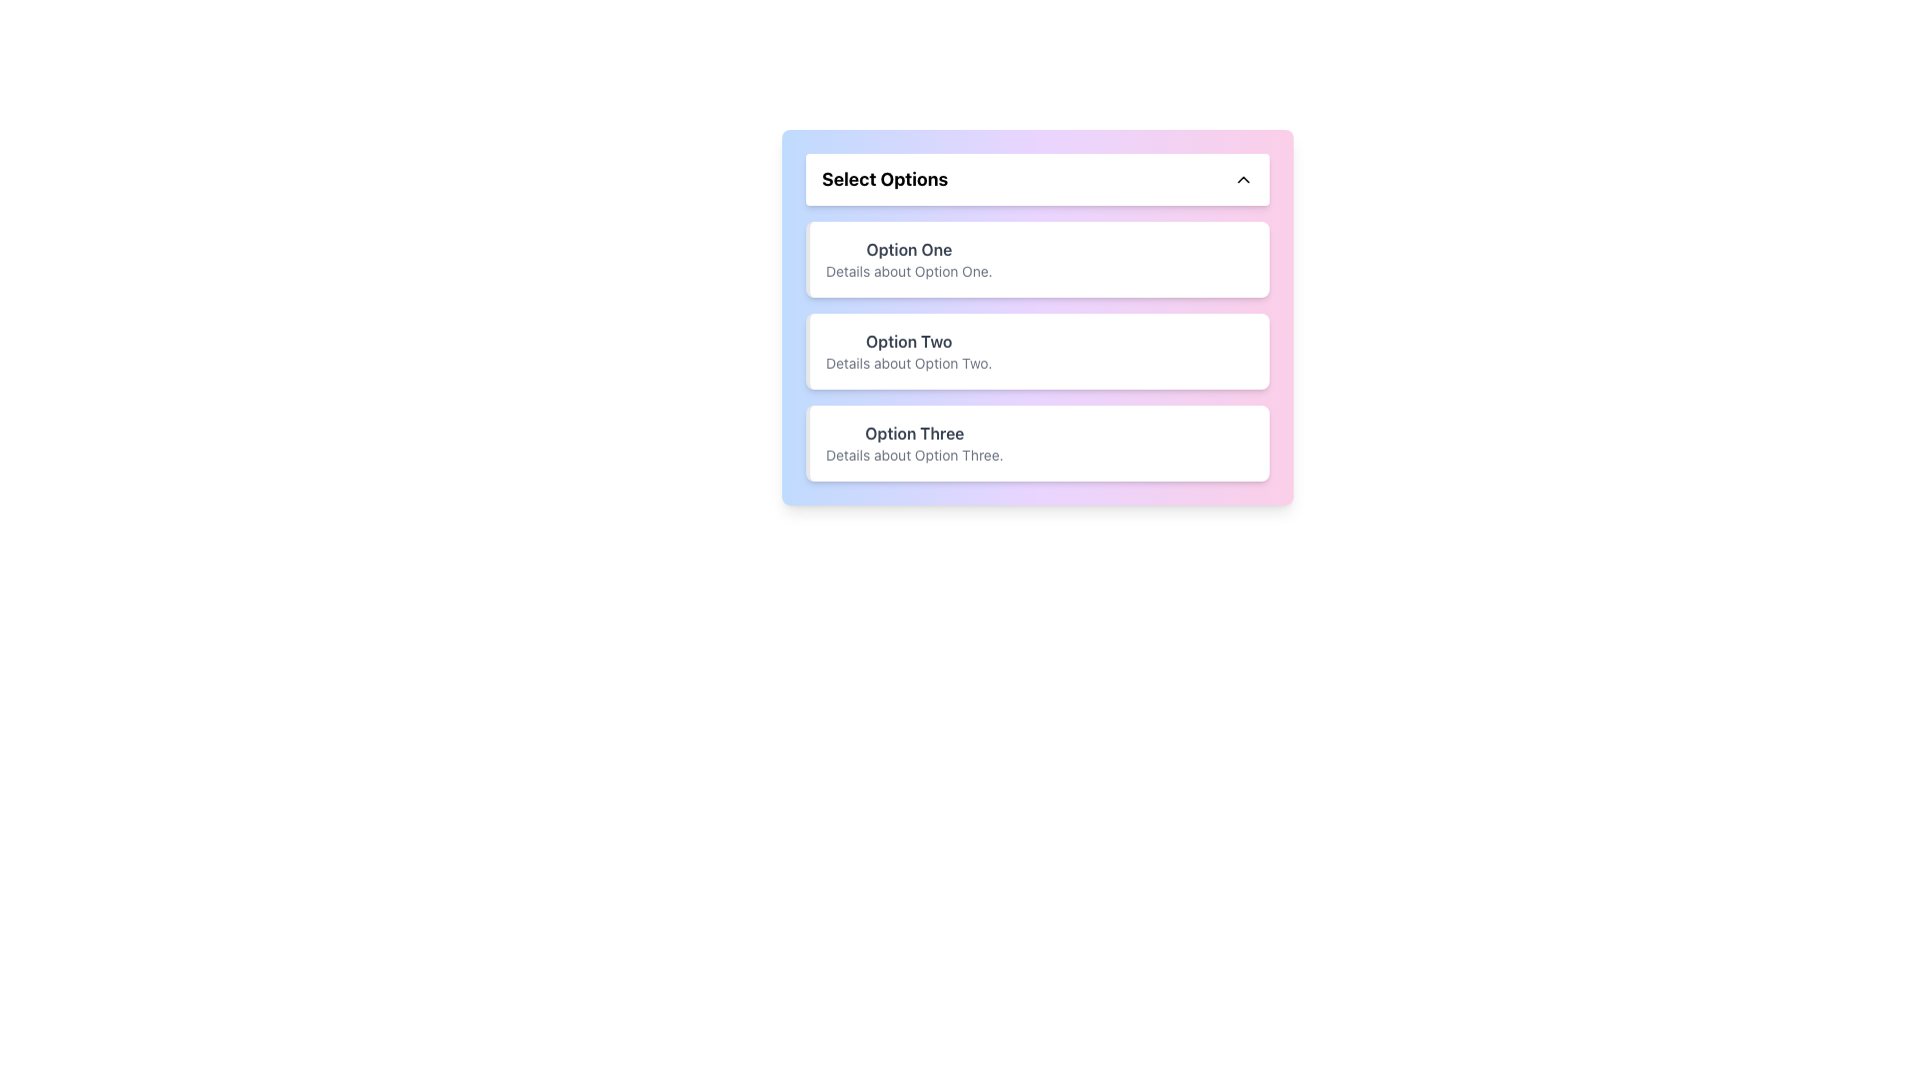  I want to click on the text label reading 'Details about Option Three.', which is styled with a smaller text size and gray color, positioned directly beneath the 'Option Three' title in the 'Select Options' dropdown list, so click(913, 455).